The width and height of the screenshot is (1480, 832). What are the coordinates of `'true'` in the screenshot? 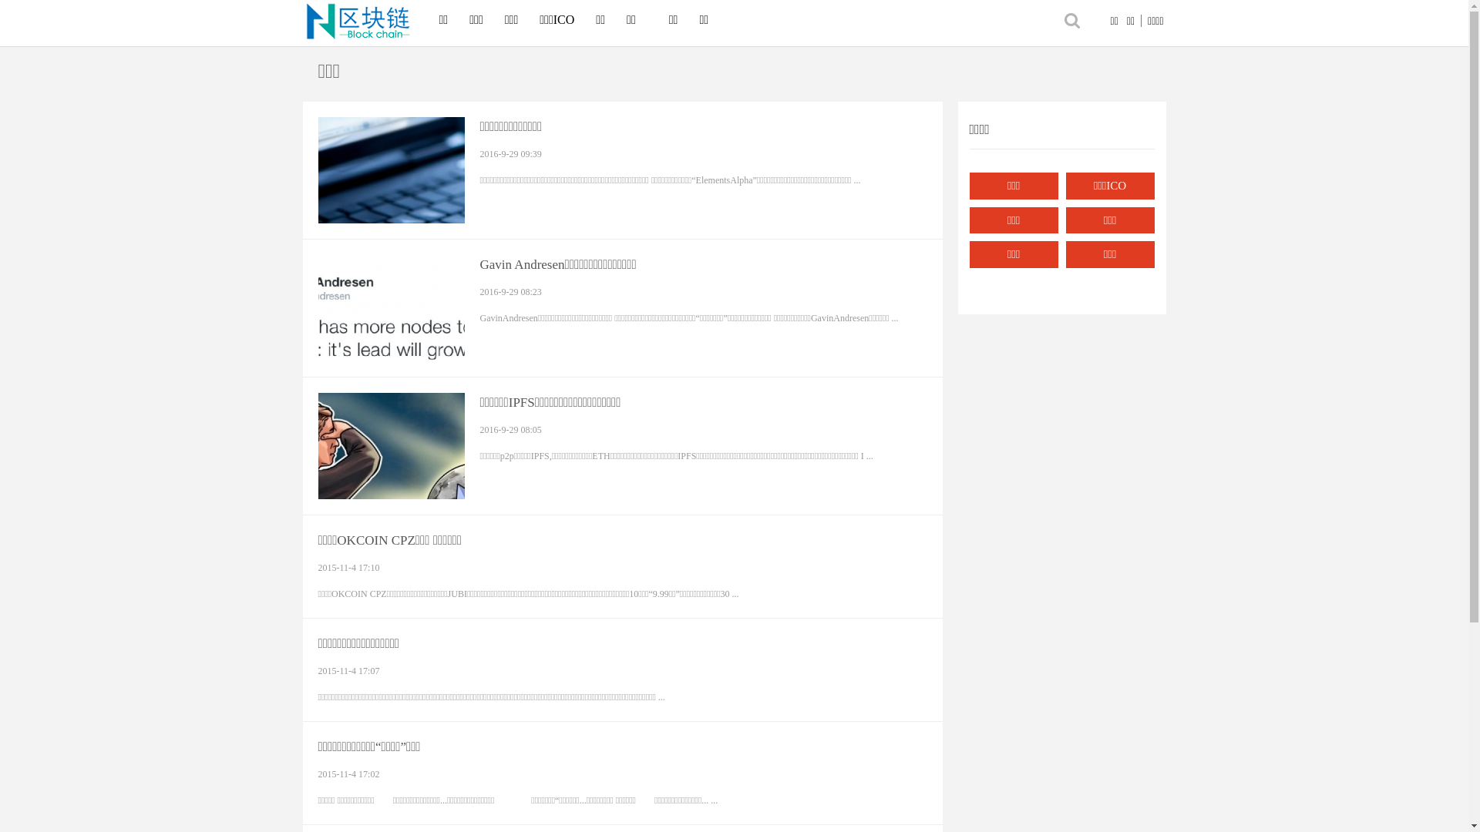 It's located at (1057, 20).